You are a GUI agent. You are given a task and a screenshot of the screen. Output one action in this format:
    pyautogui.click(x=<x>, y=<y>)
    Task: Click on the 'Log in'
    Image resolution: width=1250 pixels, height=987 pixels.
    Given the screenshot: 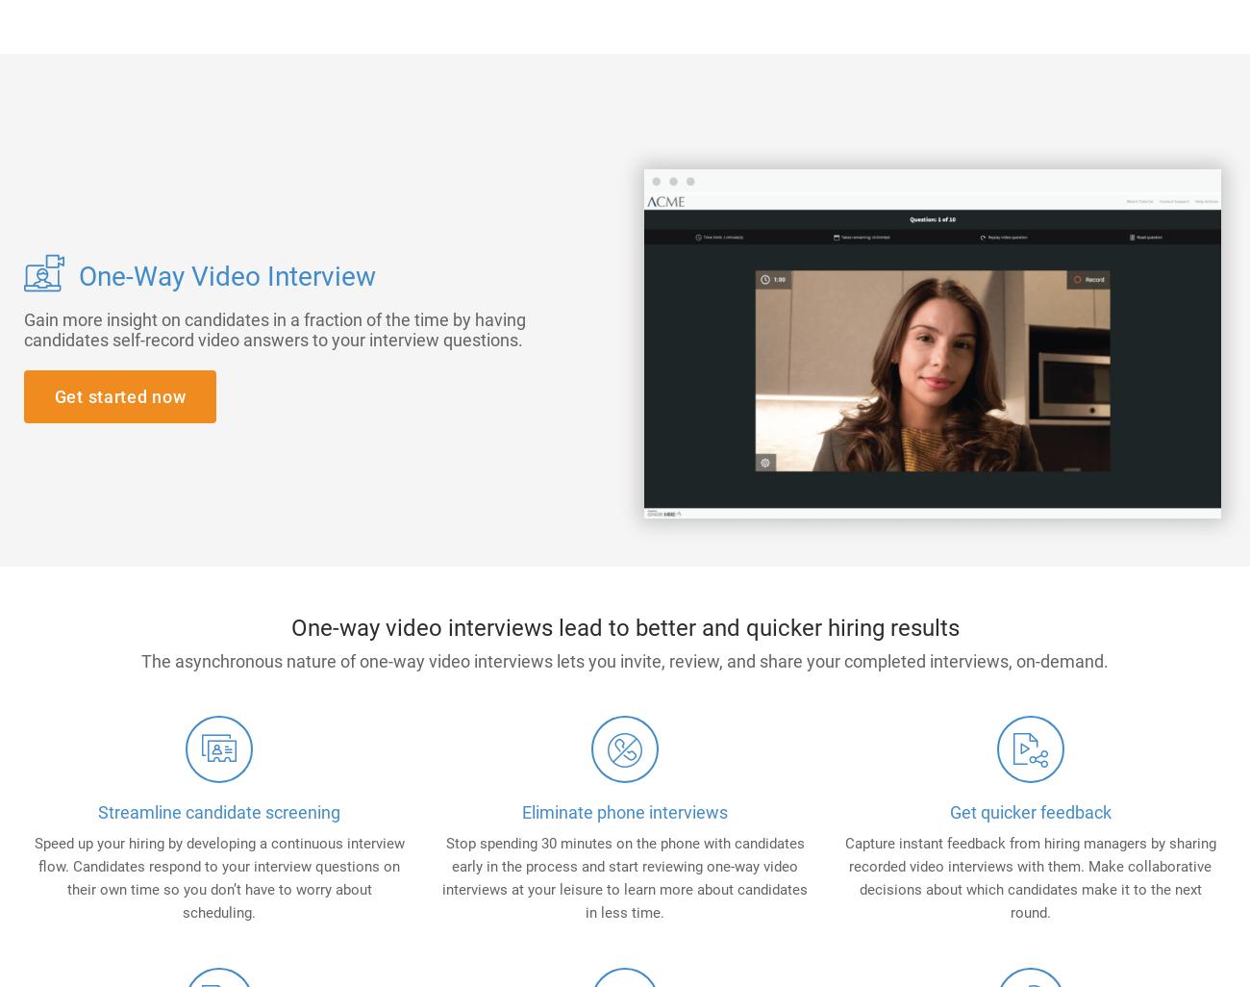 What is the action you would take?
    pyautogui.click(x=1004, y=87)
    